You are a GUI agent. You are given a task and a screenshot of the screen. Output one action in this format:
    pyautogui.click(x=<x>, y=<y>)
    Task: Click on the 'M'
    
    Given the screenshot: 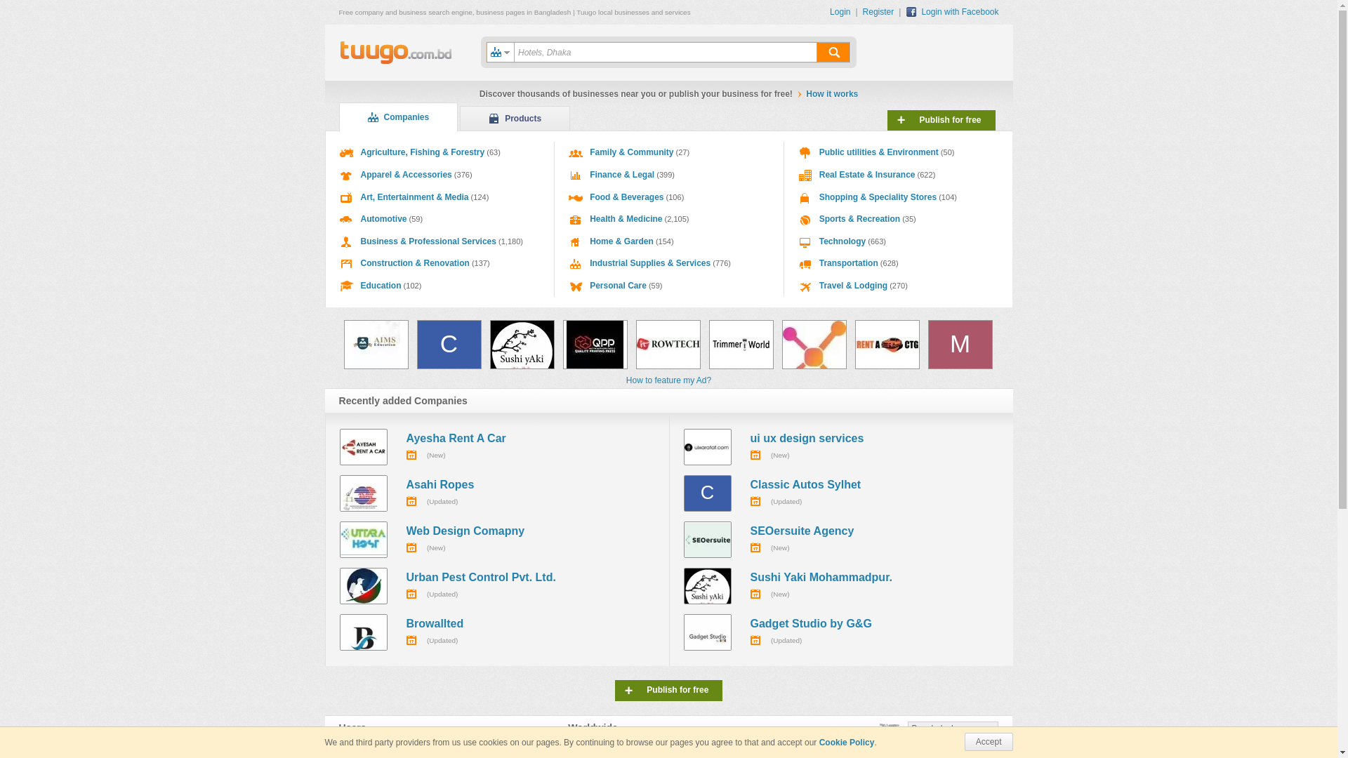 What is the action you would take?
    pyautogui.click(x=960, y=344)
    